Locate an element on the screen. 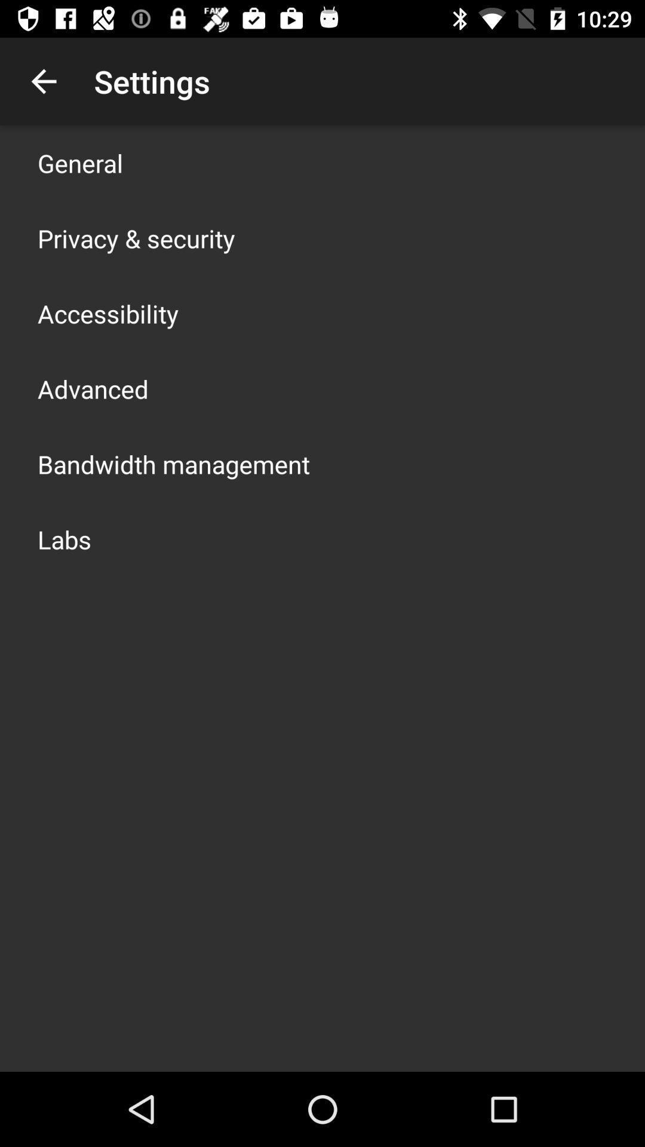 The height and width of the screenshot is (1147, 645). general item is located at coordinates (80, 162).